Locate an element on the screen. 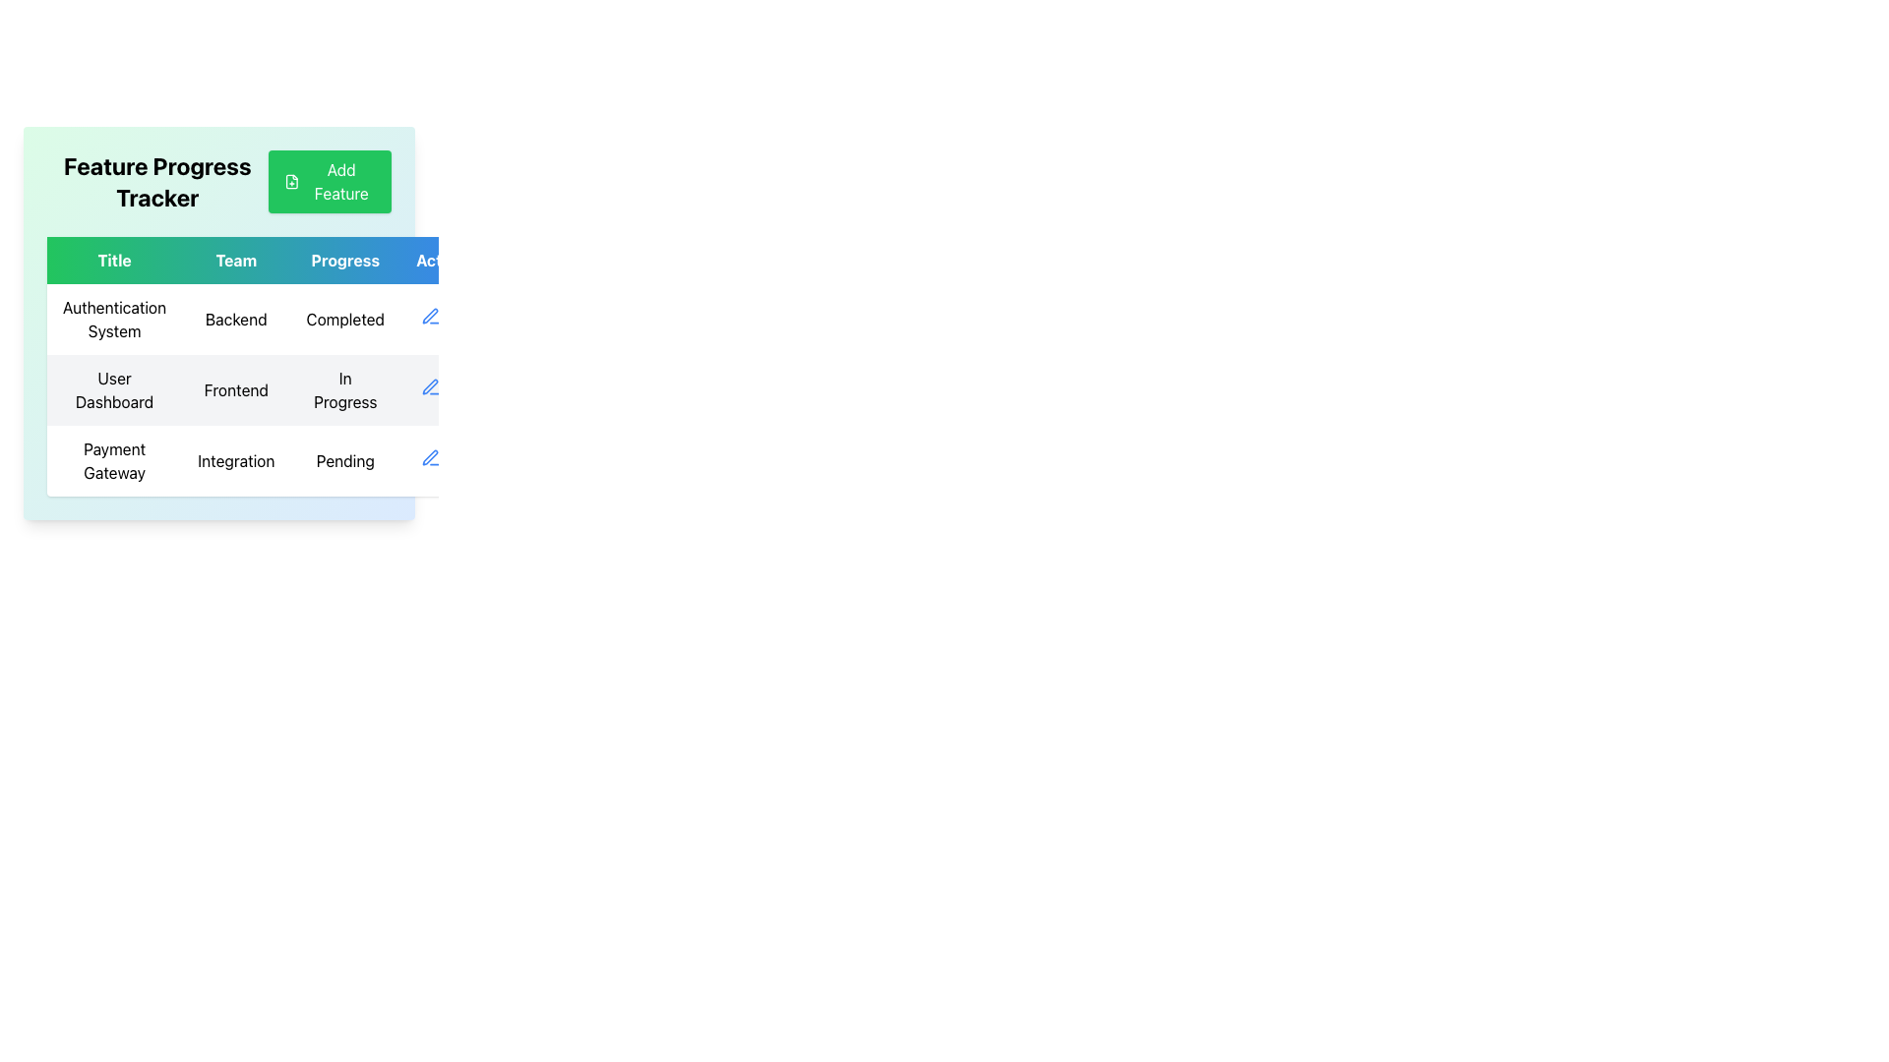  the text label displaying 'Frontend' located in the second row of the table under the 'Team' column, which has a light gray background is located at coordinates (236, 390).